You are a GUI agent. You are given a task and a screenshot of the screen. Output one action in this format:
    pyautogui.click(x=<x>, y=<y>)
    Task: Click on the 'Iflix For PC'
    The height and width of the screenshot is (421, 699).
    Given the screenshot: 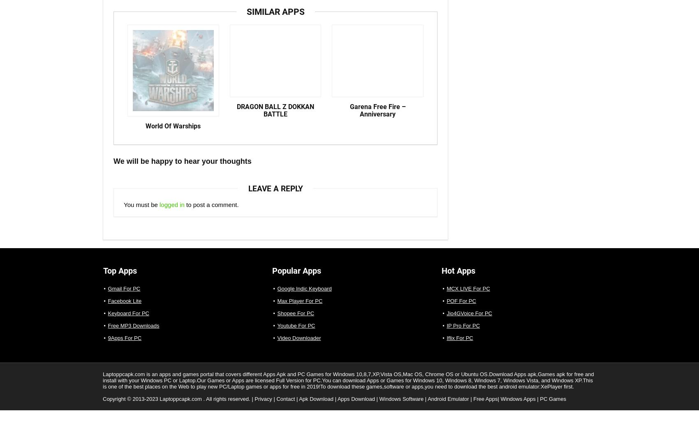 What is the action you would take?
    pyautogui.click(x=459, y=344)
    